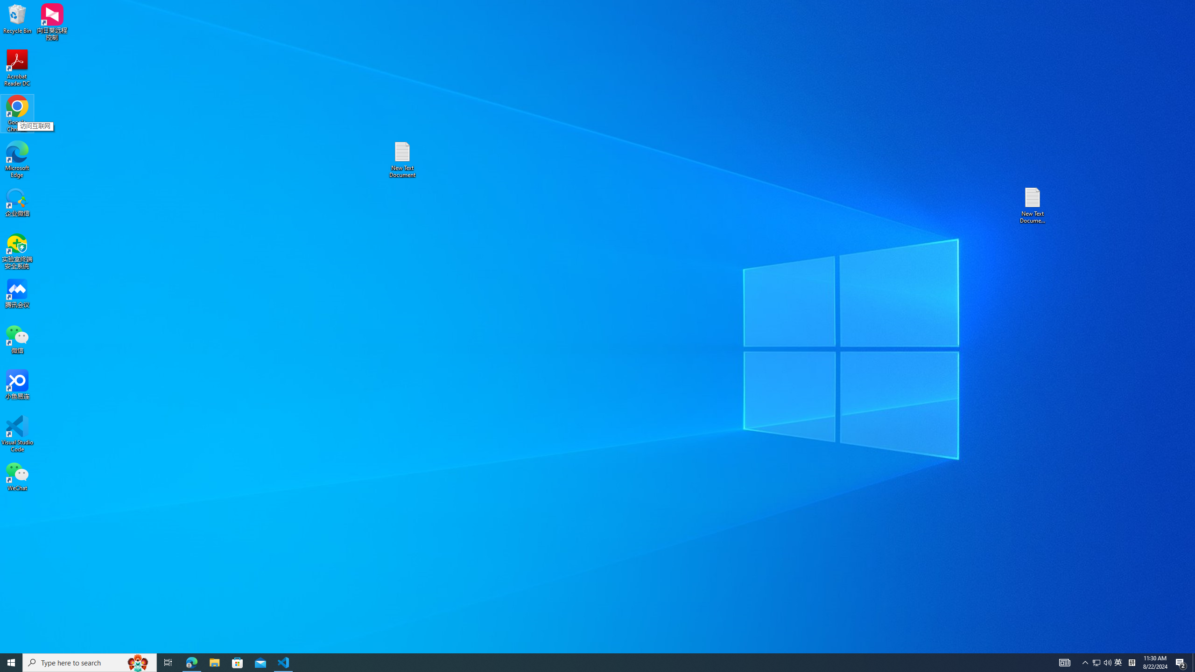 The width and height of the screenshot is (1195, 672). What do you see at coordinates (17, 476) in the screenshot?
I see `'WeChat'` at bounding box center [17, 476].